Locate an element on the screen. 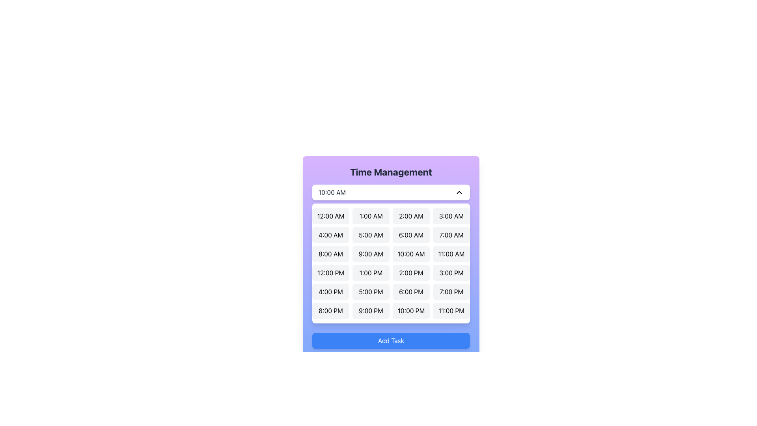 The image size is (757, 426). the '3:00 PM' time slot button located in the fourth position of the fourth row under the 'Time Management' section is located at coordinates (451, 272).